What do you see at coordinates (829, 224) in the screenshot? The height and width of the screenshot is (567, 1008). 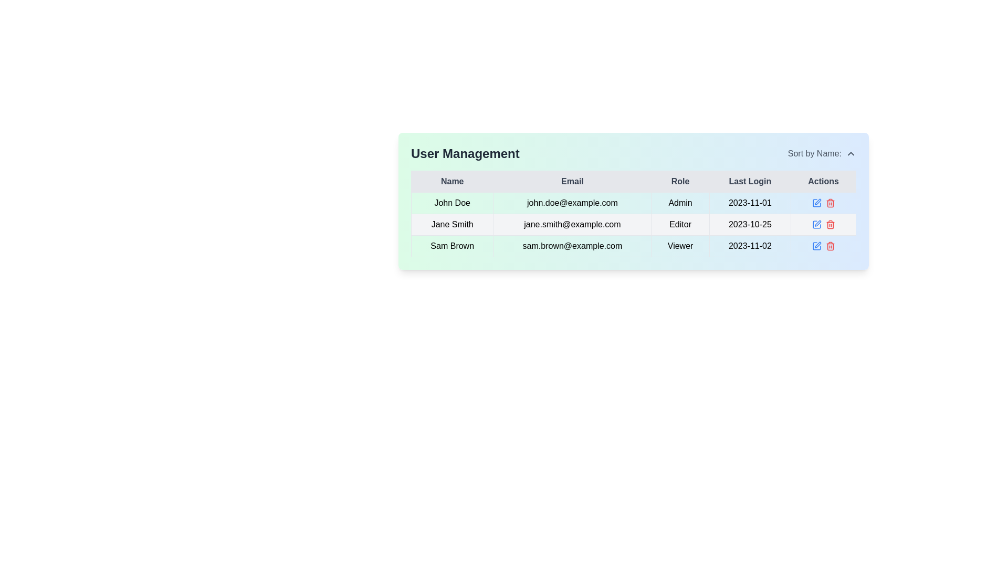 I see `the delete icon in the 'Actions' column of the second row` at bounding box center [829, 224].